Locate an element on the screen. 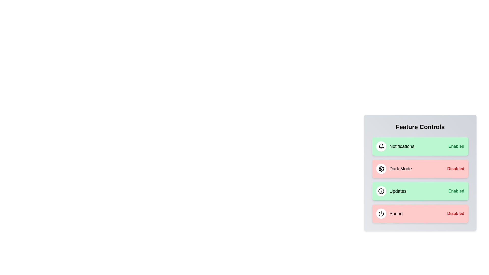 This screenshot has height=275, width=489. the icon to toggle the state of the Updates feature is located at coordinates (381, 191).